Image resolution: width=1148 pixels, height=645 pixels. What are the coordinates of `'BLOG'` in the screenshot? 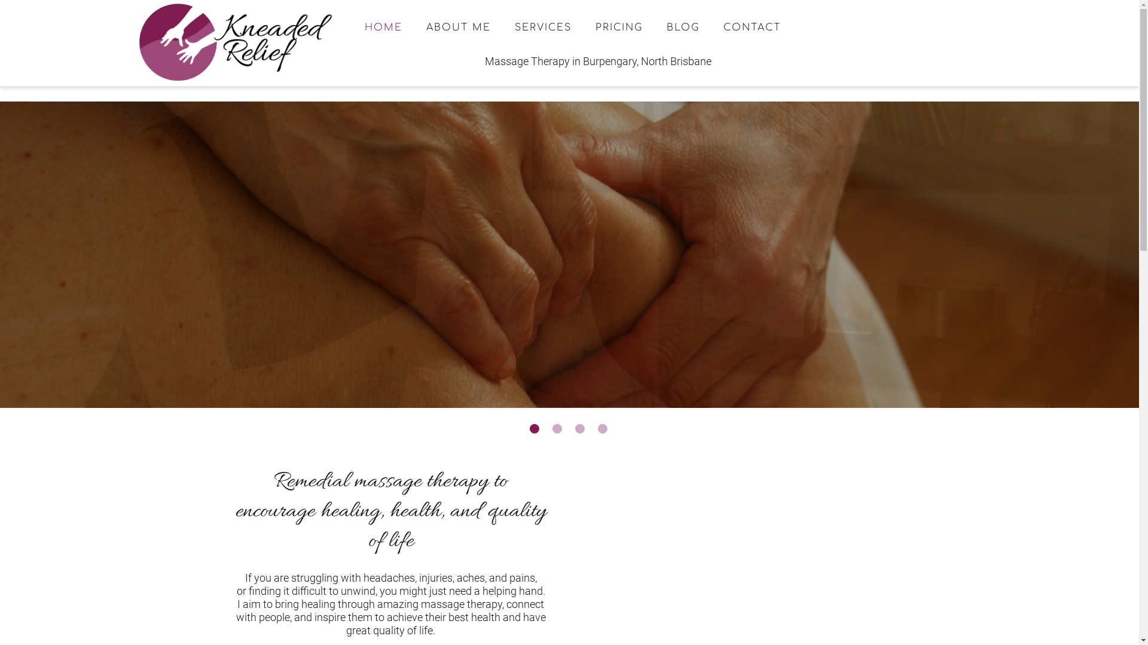 It's located at (683, 27).